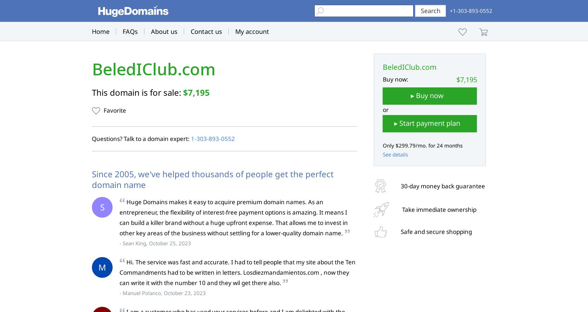 The height and width of the screenshot is (312, 588). What do you see at coordinates (99, 207) in the screenshot?
I see `'S'` at bounding box center [99, 207].